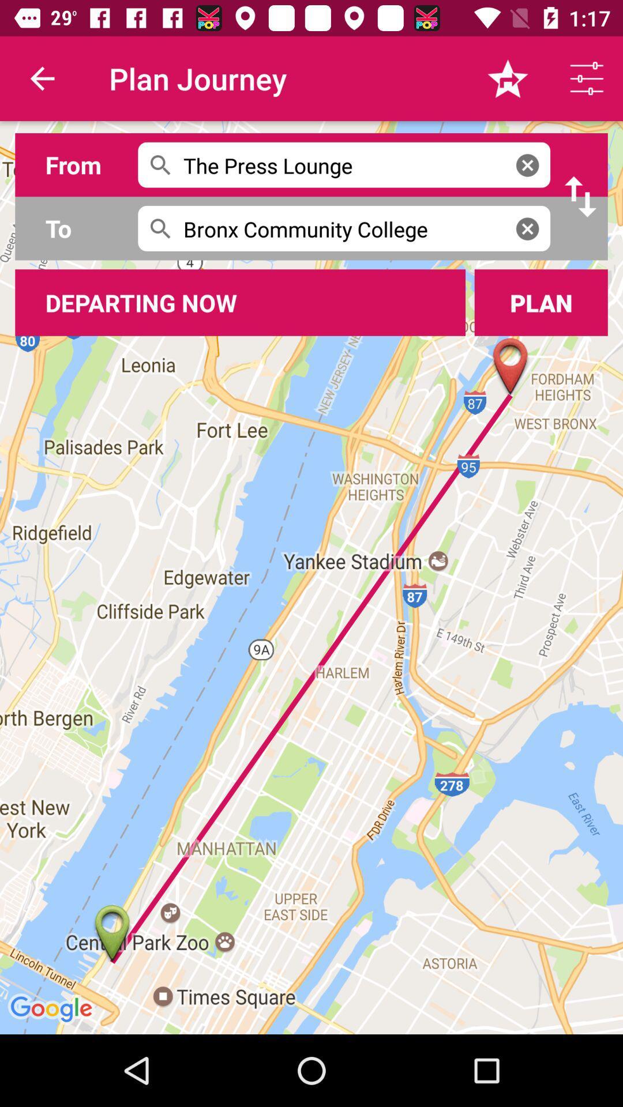 This screenshot has width=623, height=1107. Describe the element at coordinates (580, 197) in the screenshot. I see `interchange from and to location` at that location.